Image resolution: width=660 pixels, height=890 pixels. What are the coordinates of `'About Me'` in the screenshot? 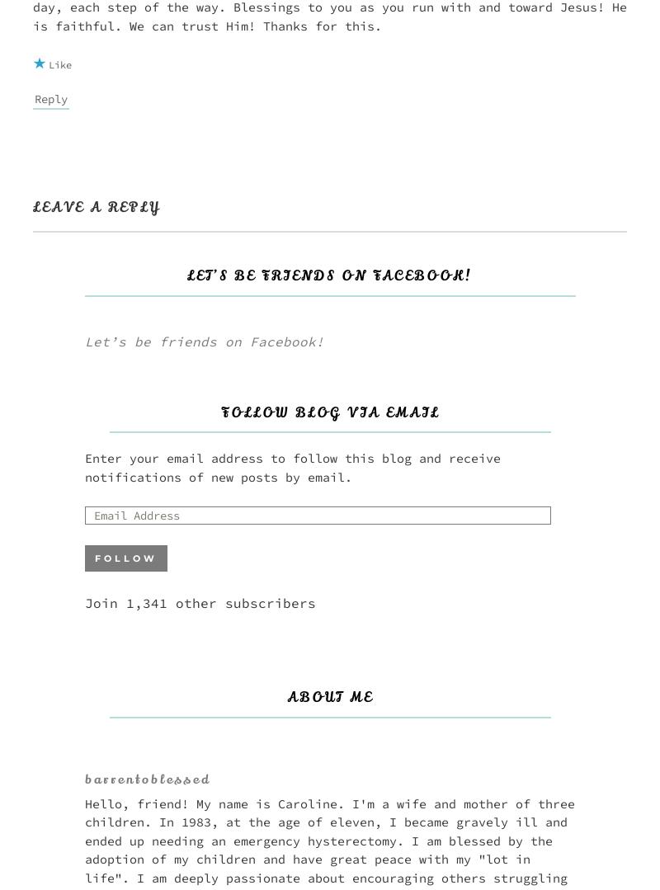 It's located at (330, 697).